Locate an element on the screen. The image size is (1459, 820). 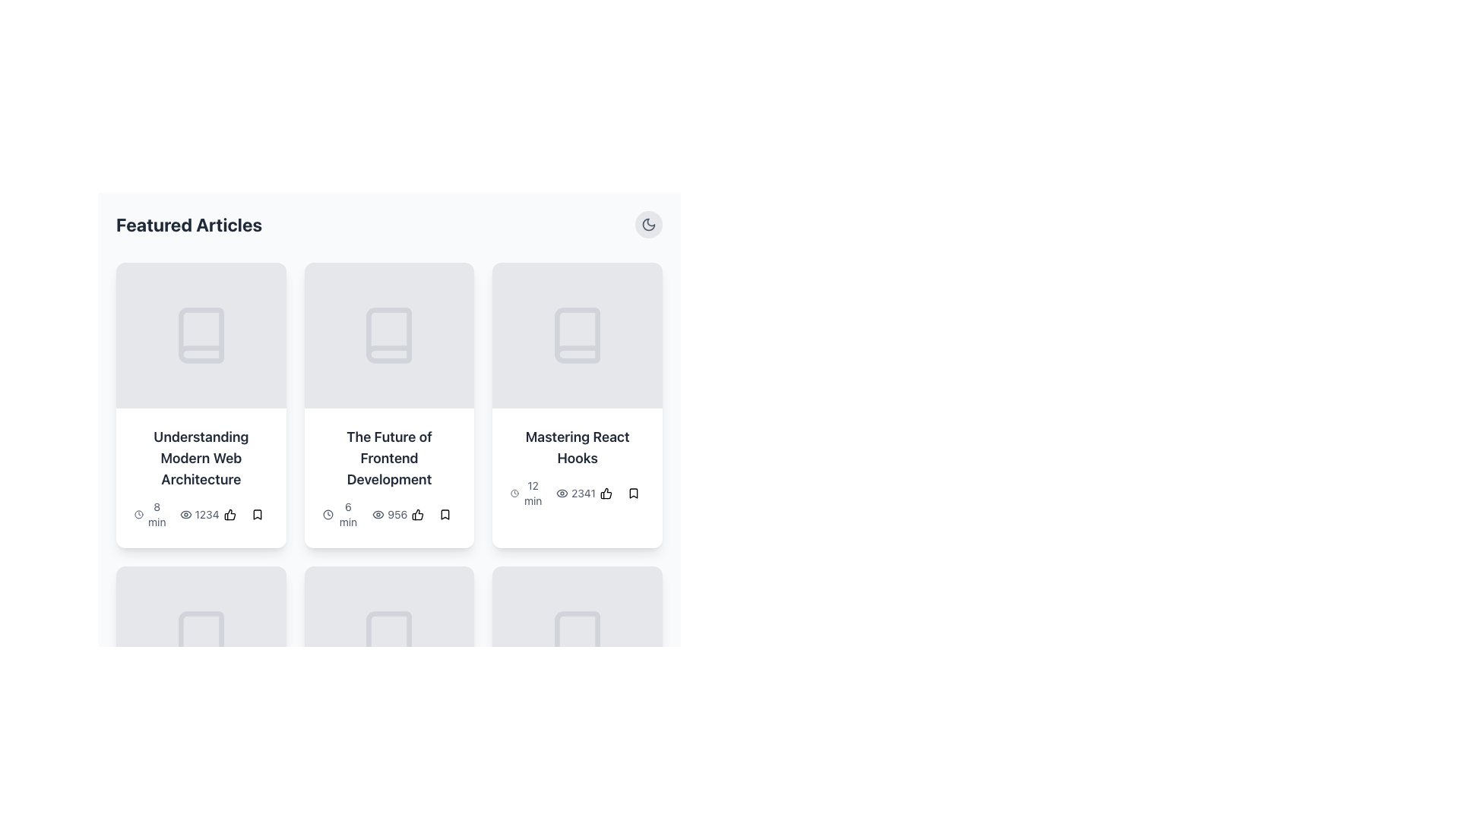
the icon representing the duration of the related article, which is displayed beside the time estimate text '6 min' within the card titled 'The Future of Frontend Development.' is located at coordinates (327, 514).